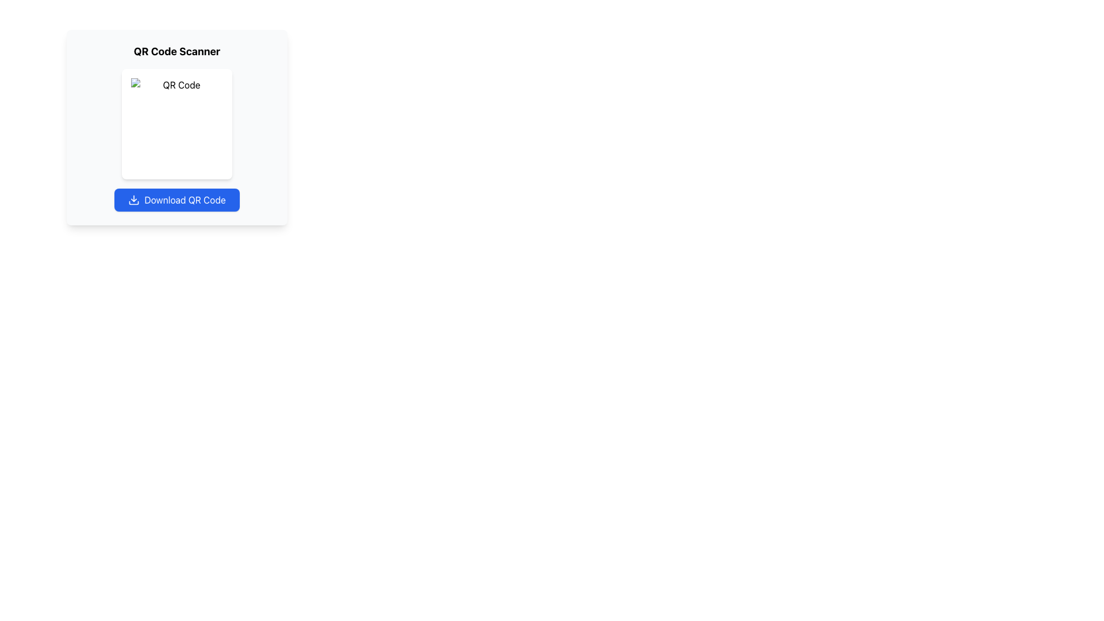  Describe the element at coordinates (134, 199) in the screenshot. I see `the download icon located on the blue button labeled 'Download QR Code'` at that location.